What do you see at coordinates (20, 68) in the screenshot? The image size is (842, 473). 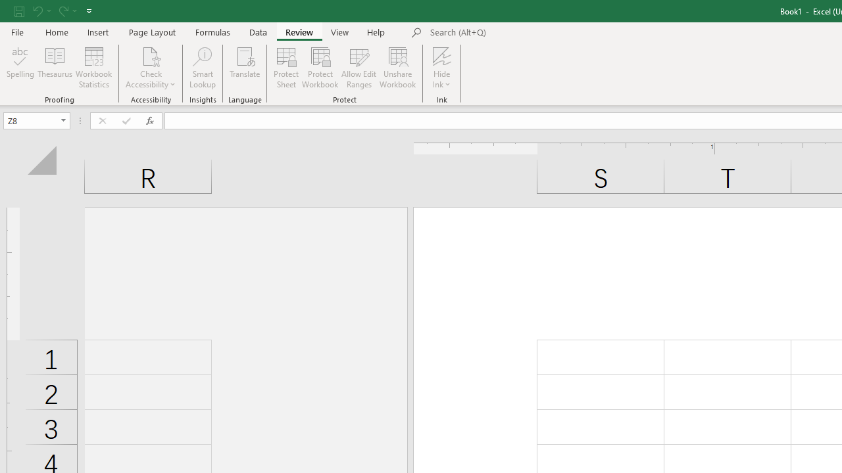 I see `'Spelling...'` at bounding box center [20, 68].